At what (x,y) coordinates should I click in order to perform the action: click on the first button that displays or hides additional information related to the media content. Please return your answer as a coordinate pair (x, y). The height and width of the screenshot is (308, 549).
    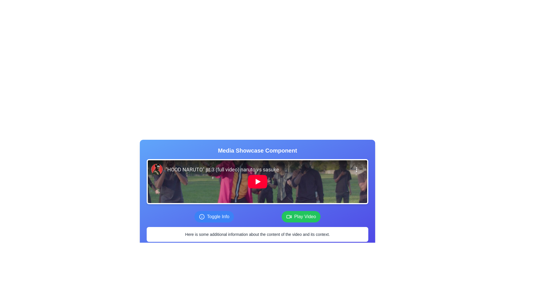
    Looking at the image, I should click on (214, 216).